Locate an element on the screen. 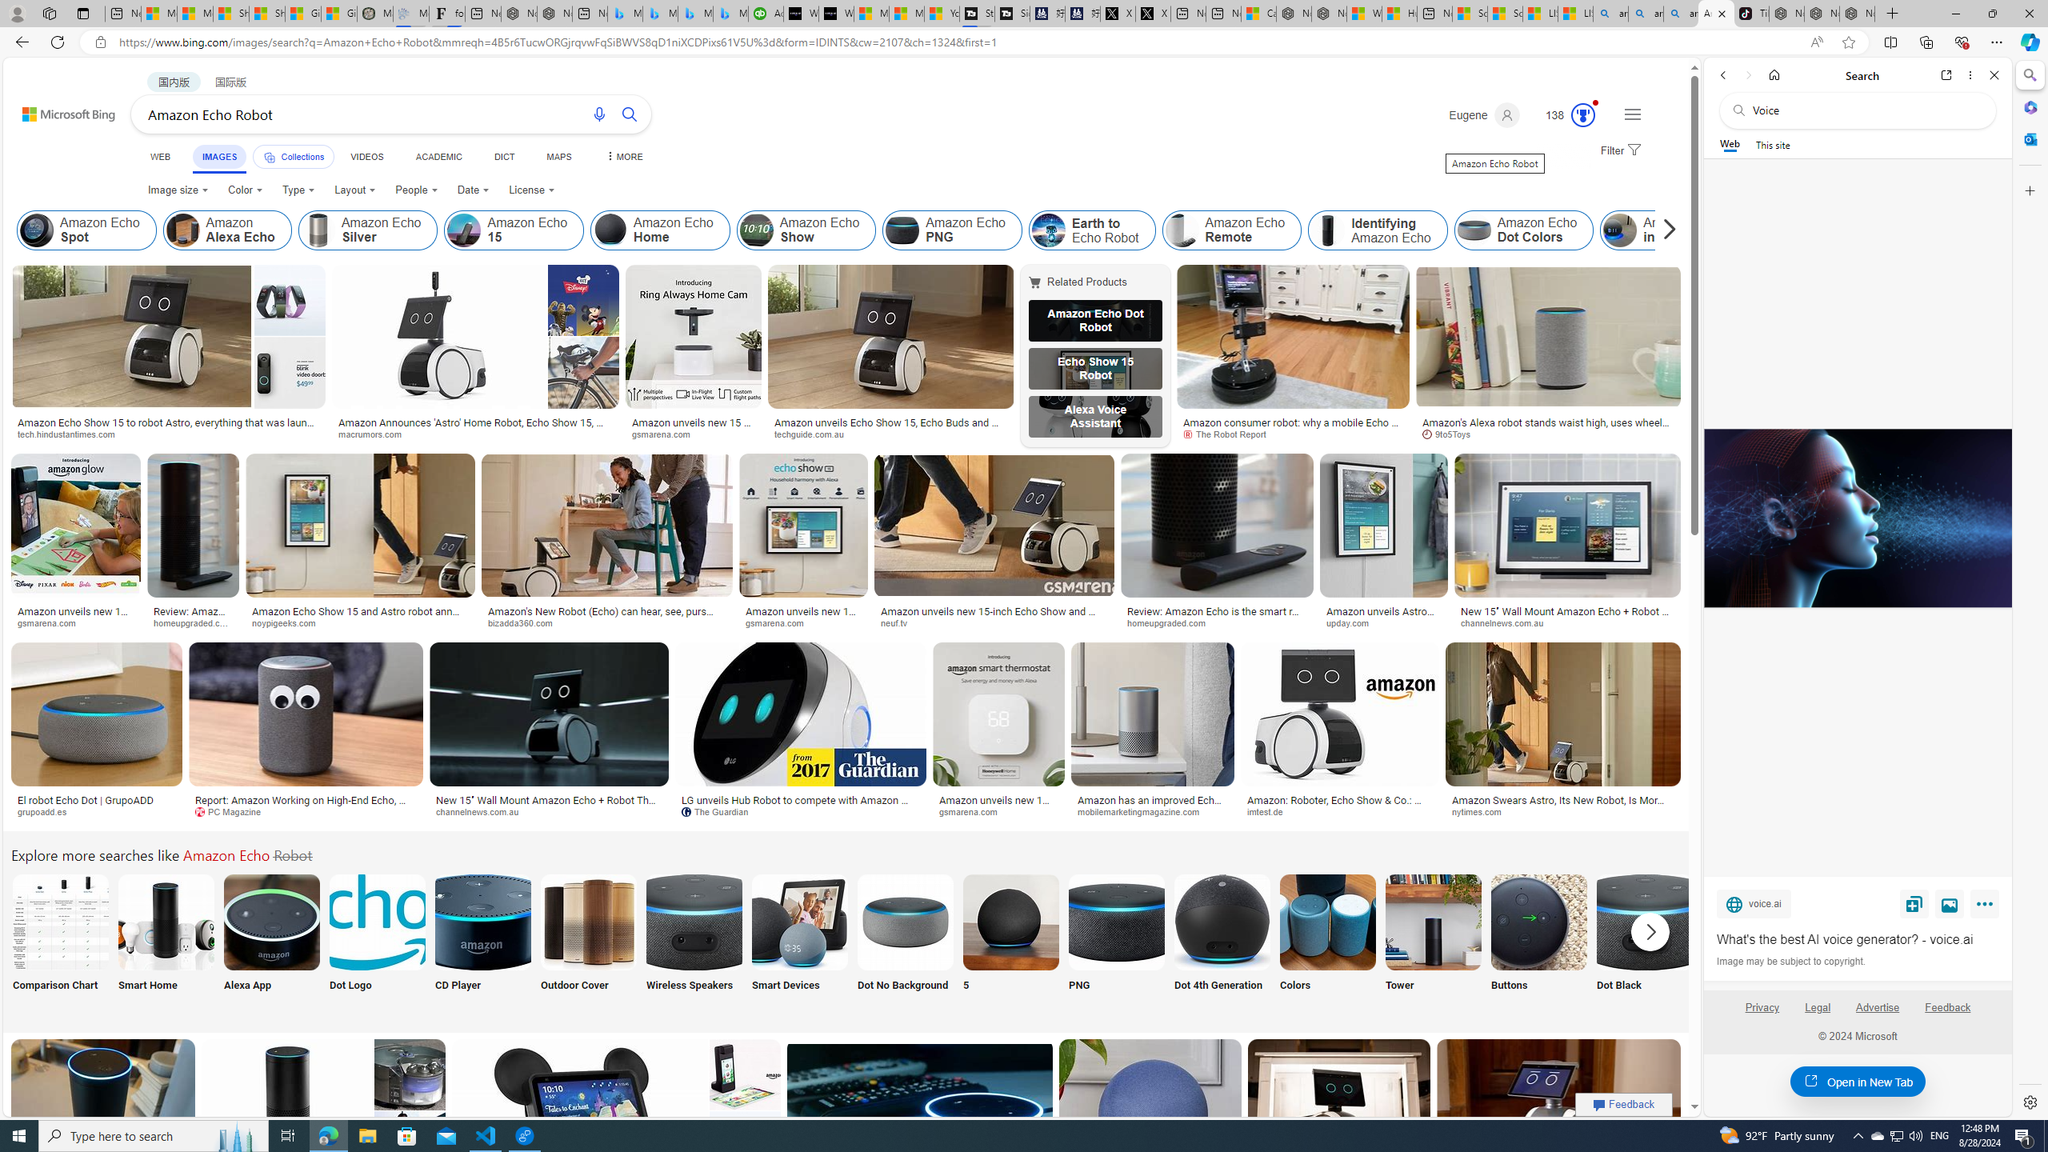 The width and height of the screenshot is (2048, 1152). 'Manatee Mortality Statistics | FWC' is located at coordinates (374, 13).